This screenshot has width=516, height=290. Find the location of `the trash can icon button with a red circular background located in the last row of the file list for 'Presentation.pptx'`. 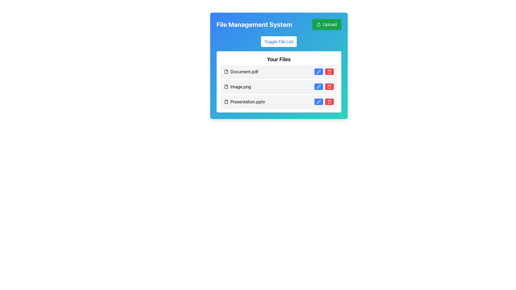

the trash can icon button with a red circular background located in the last row of the file list for 'Presentation.pptx' is located at coordinates (329, 102).